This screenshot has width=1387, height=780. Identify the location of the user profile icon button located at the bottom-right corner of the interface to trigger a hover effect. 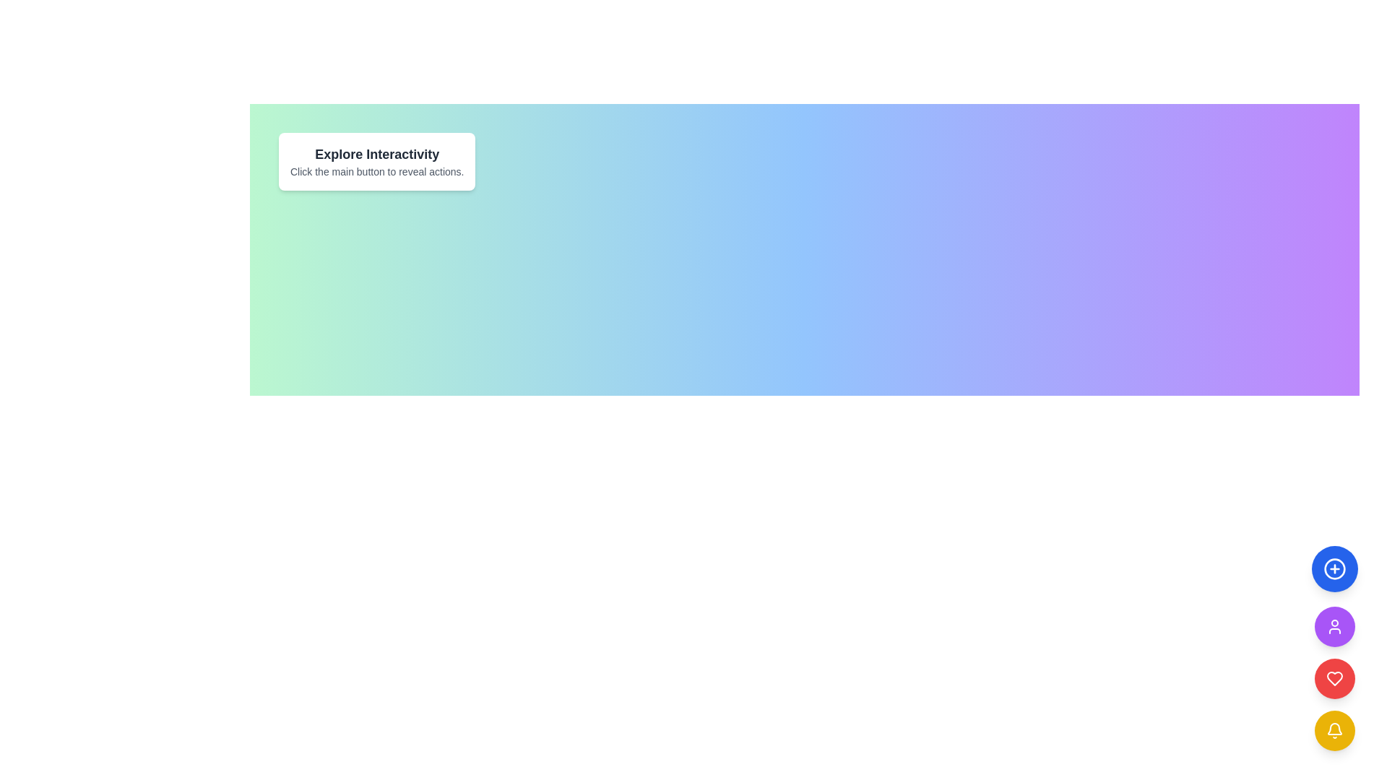
(1334, 625).